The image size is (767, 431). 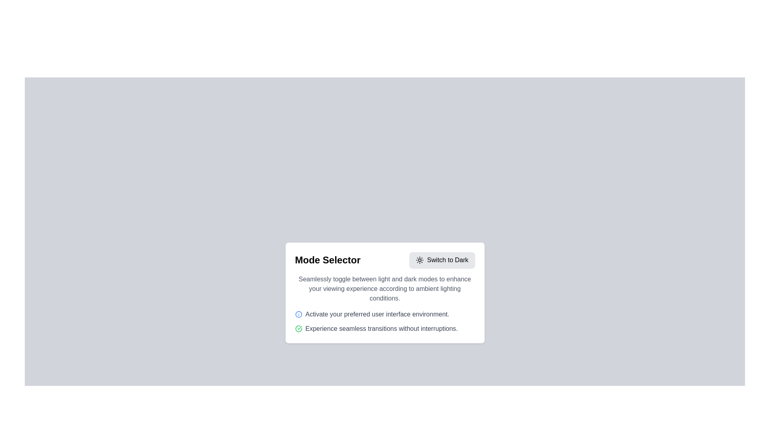 What do you see at coordinates (447, 260) in the screenshot?
I see `the text label reading 'Switch to Dark' which is positioned to the right of the sun icon in the 'Mode Selector' card` at bounding box center [447, 260].